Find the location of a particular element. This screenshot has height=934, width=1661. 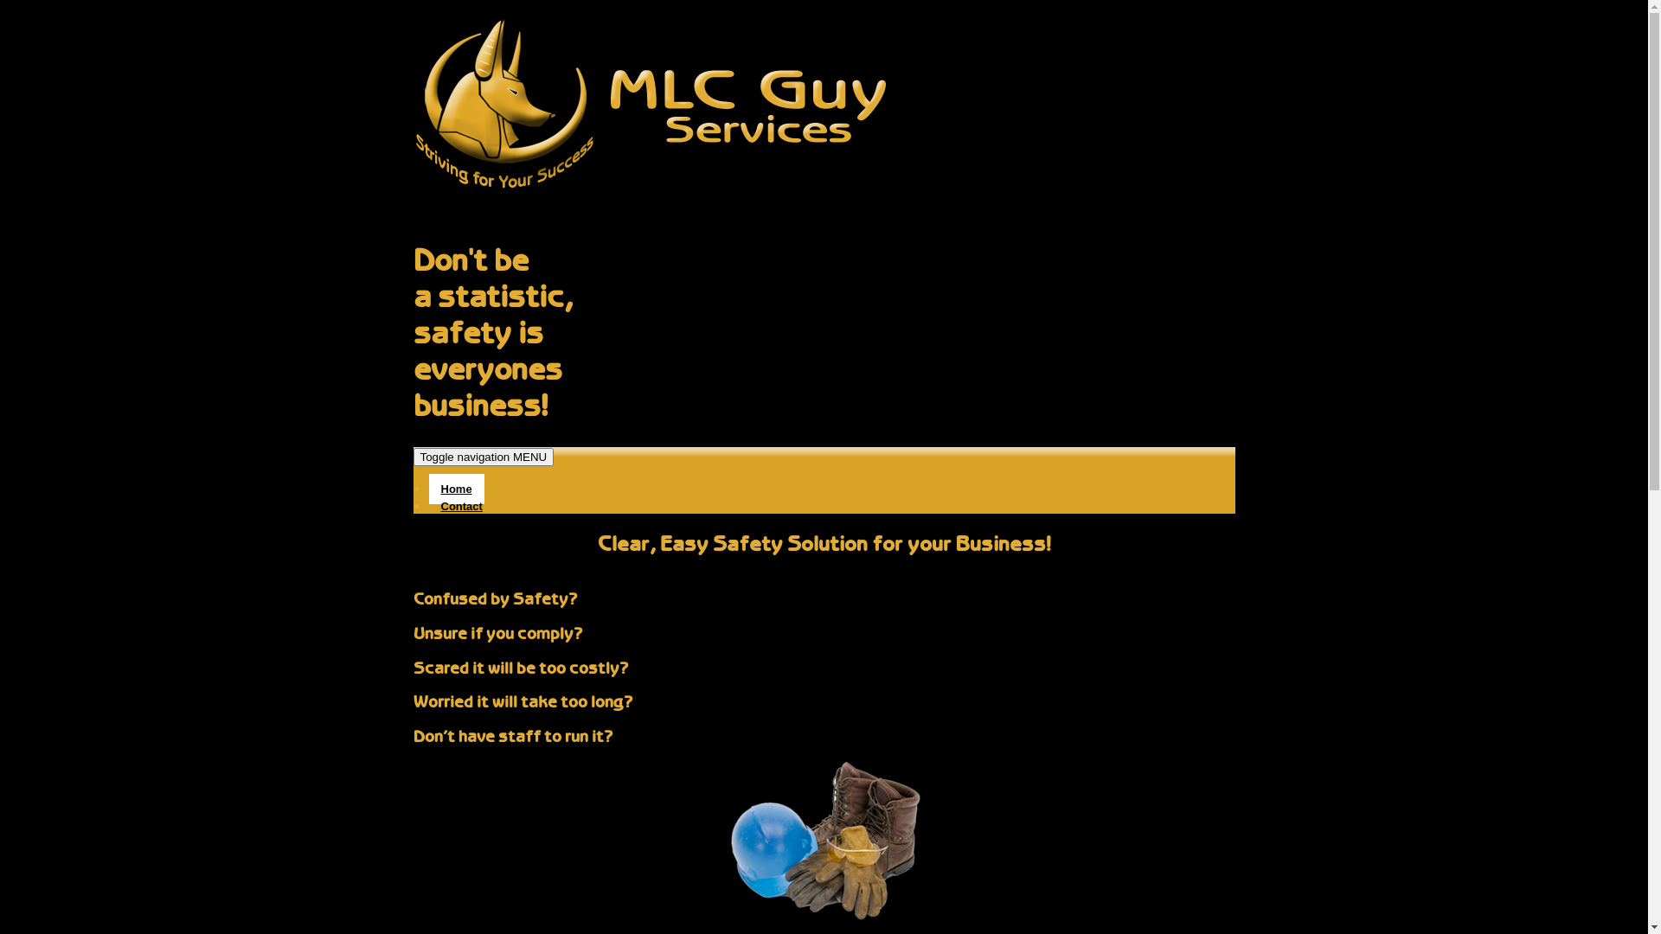

'Contact' is located at coordinates (461, 506).